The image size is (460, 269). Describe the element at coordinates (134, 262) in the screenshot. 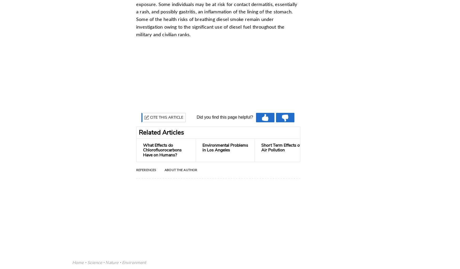

I see `'Environment'` at that location.